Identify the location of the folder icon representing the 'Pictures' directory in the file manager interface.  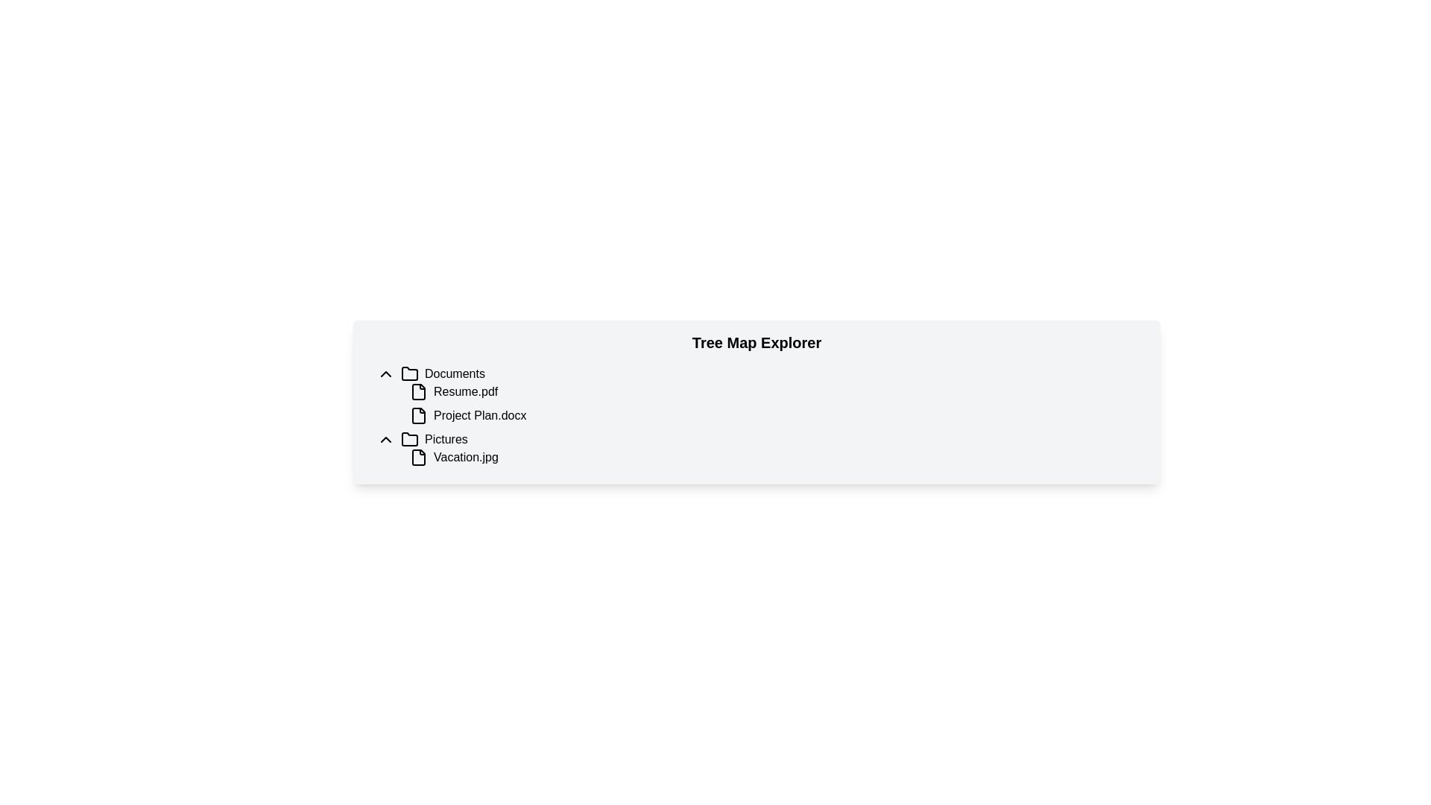
(410, 438).